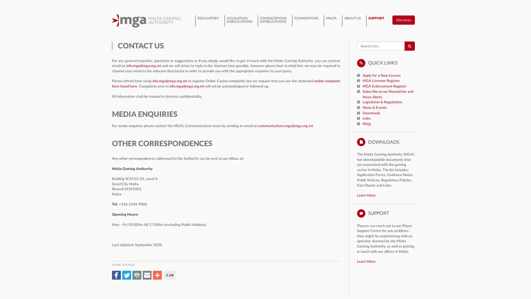 The width and height of the screenshot is (531, 299). What do you see at coordinates (137, 275) in the screenshot?
I see `Share to Print` at bounding box center [137, 275].